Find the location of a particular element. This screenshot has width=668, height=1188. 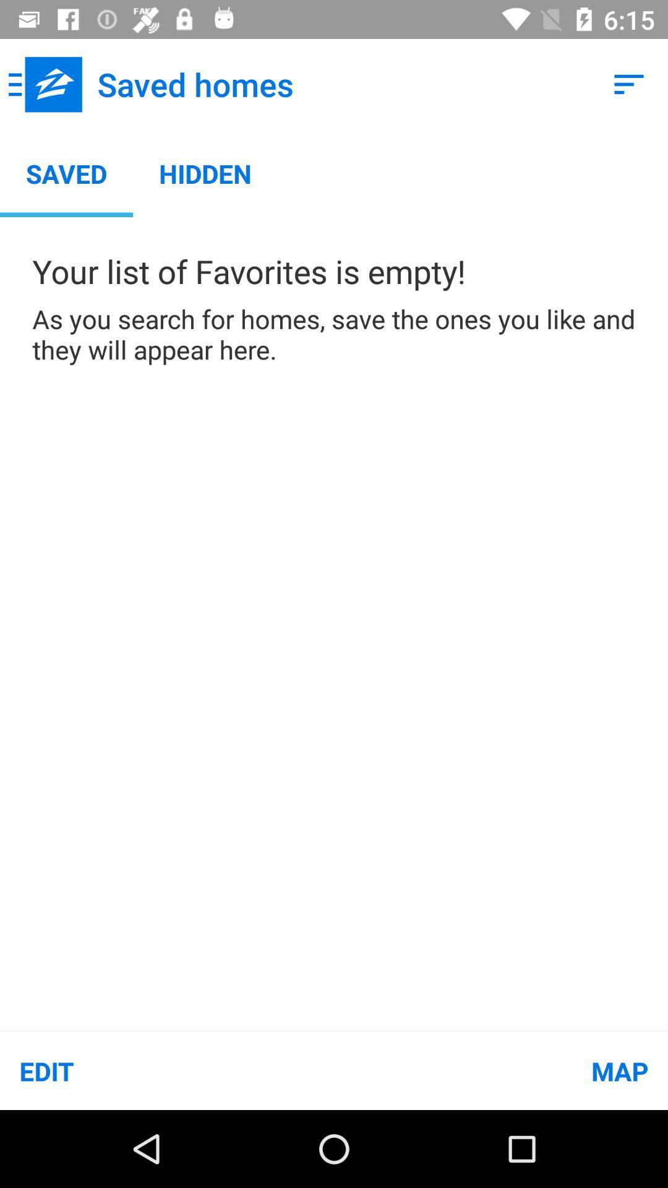

icon next to saved homes item is located at coordinates (629, 84).